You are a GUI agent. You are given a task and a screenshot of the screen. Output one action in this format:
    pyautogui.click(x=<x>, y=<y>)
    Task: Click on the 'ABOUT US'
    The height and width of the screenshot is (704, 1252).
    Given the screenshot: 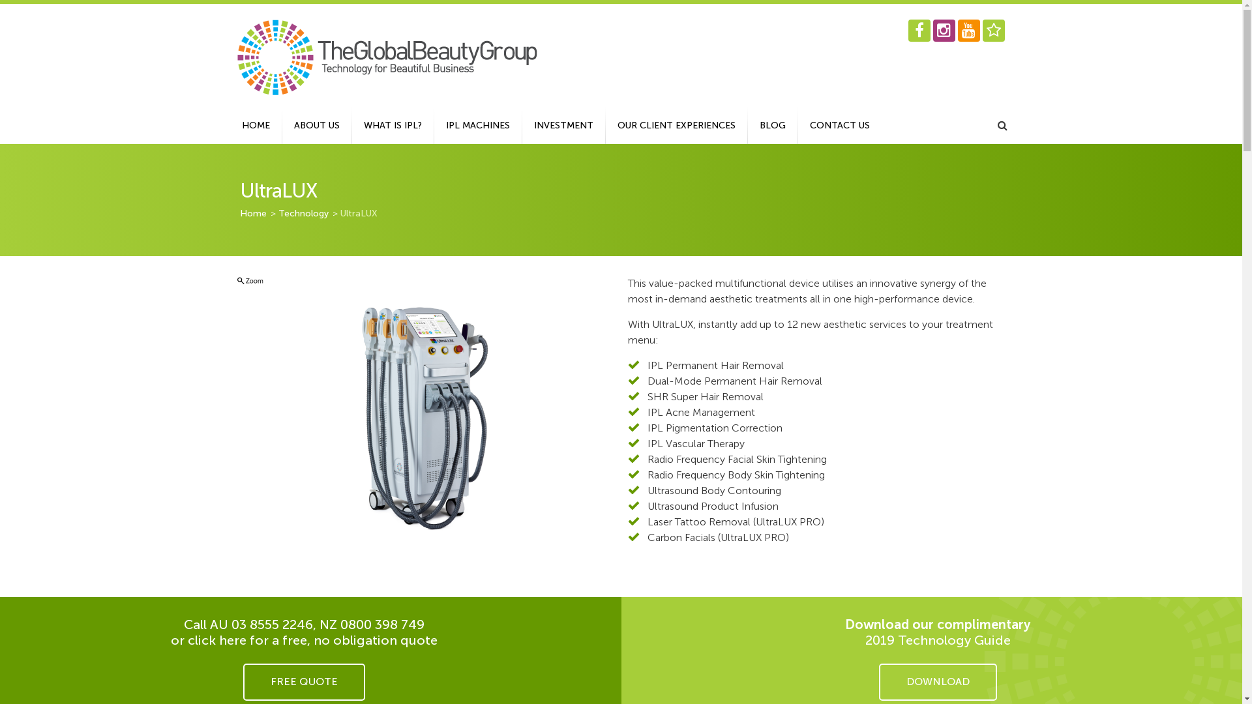 What is the action you would take?
    pyautogui.click(x=281, y=125)
    